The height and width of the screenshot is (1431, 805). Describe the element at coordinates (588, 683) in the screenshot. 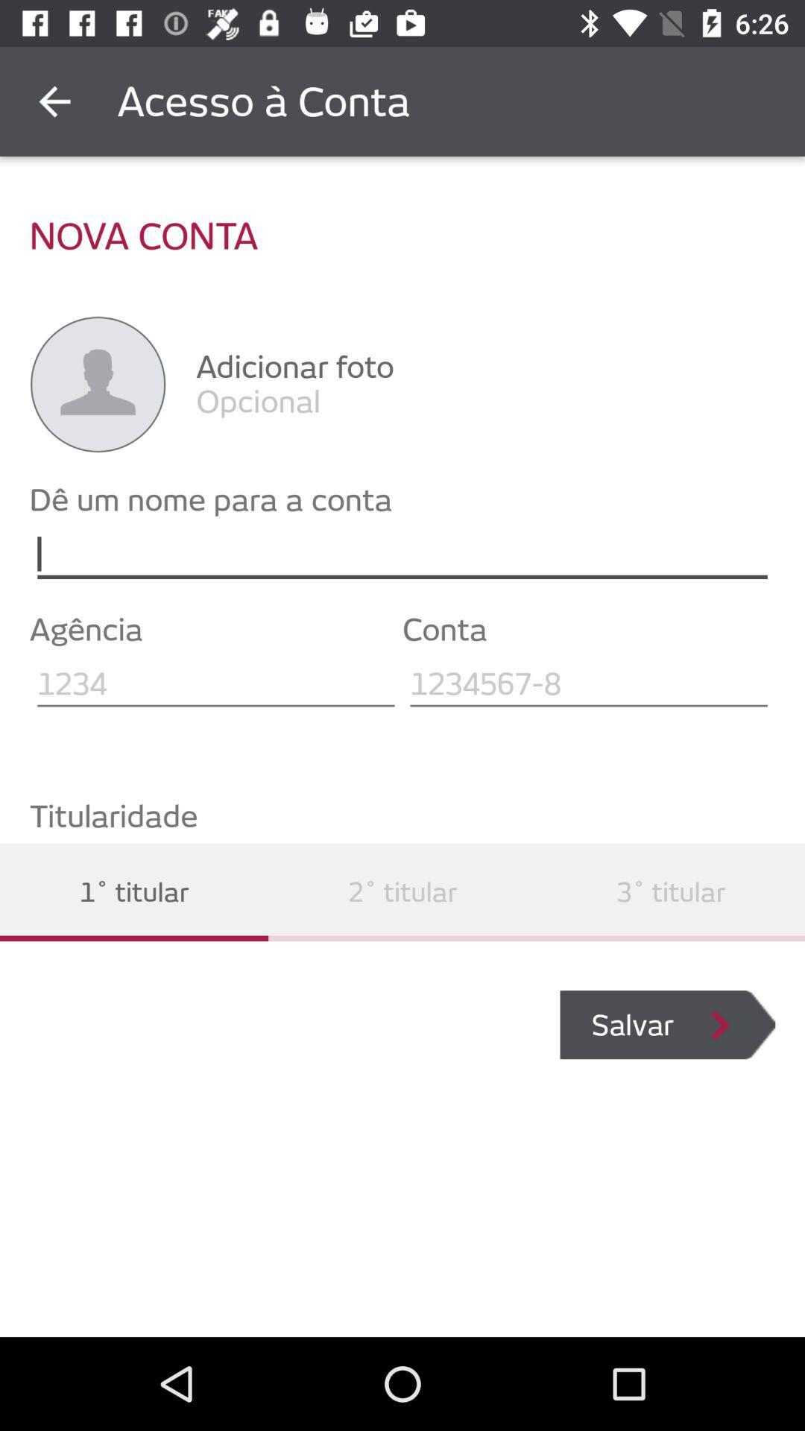

I see `zip code` at that location.